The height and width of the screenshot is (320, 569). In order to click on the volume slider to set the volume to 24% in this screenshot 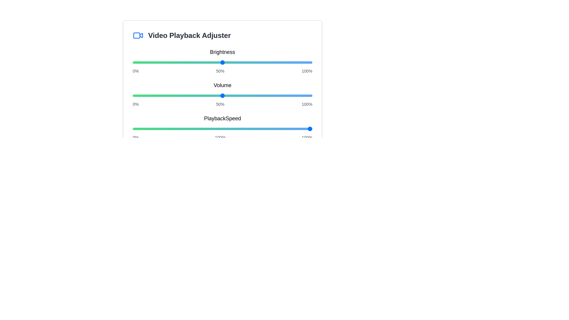, I will do `click(175, 95)`.